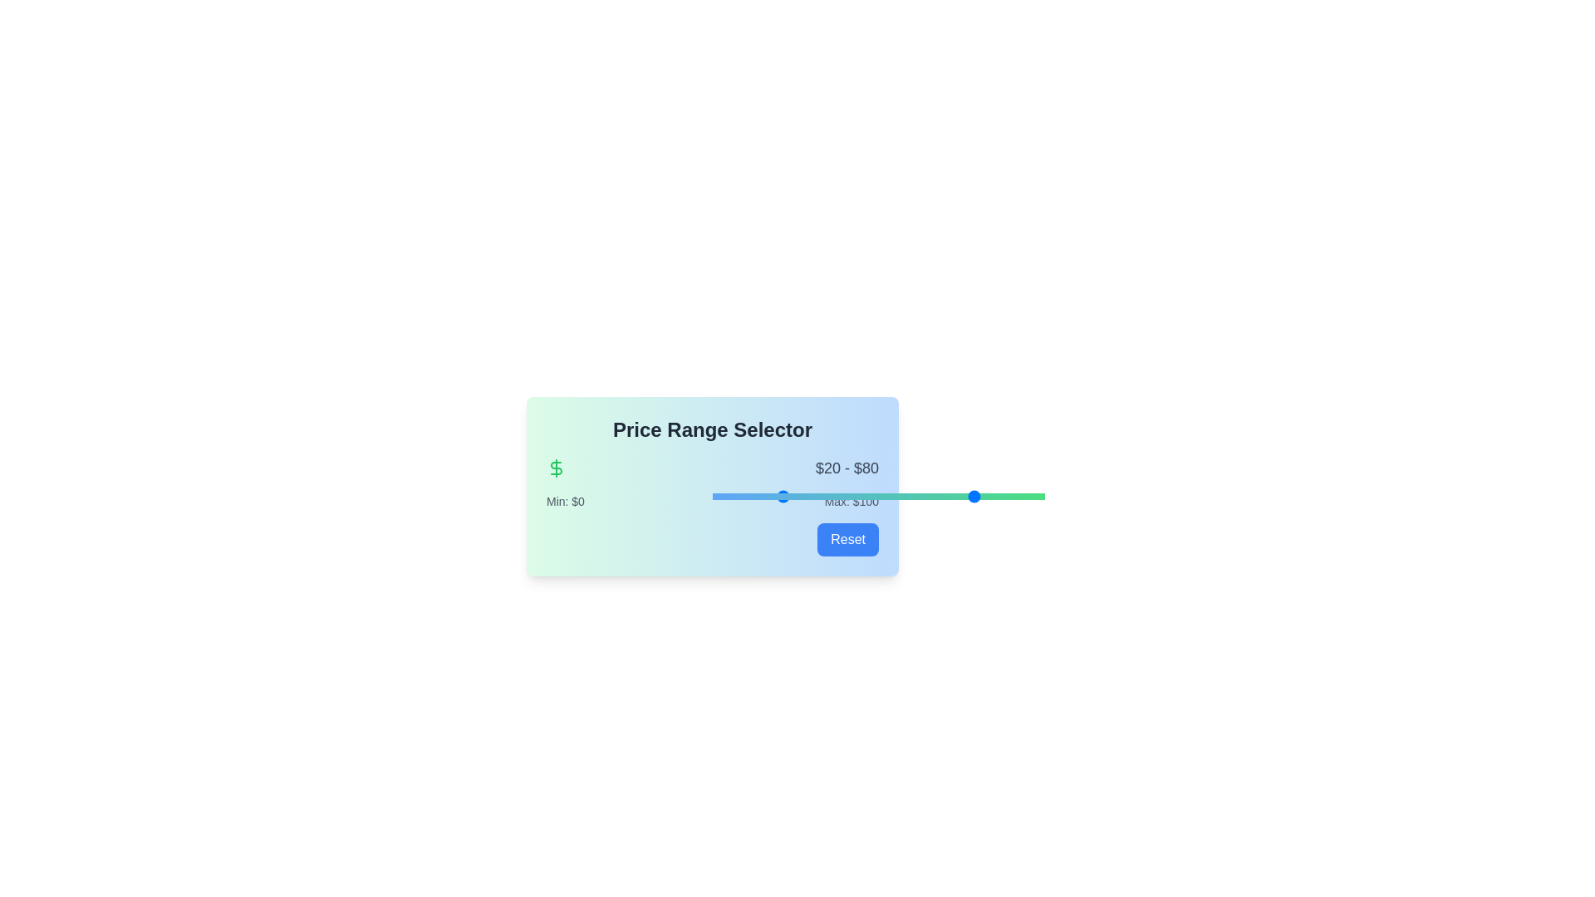 The width and height of the screenshot is (1595, 897). What do you see at coordinates (818, 495) in the screenshot?
I see `the slider` at bounding box center [818, 495].